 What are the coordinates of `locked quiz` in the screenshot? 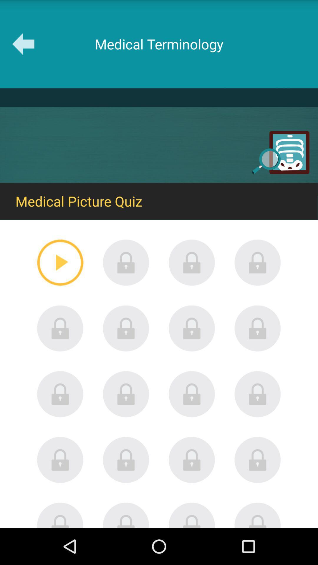 It's located at (257, 394).